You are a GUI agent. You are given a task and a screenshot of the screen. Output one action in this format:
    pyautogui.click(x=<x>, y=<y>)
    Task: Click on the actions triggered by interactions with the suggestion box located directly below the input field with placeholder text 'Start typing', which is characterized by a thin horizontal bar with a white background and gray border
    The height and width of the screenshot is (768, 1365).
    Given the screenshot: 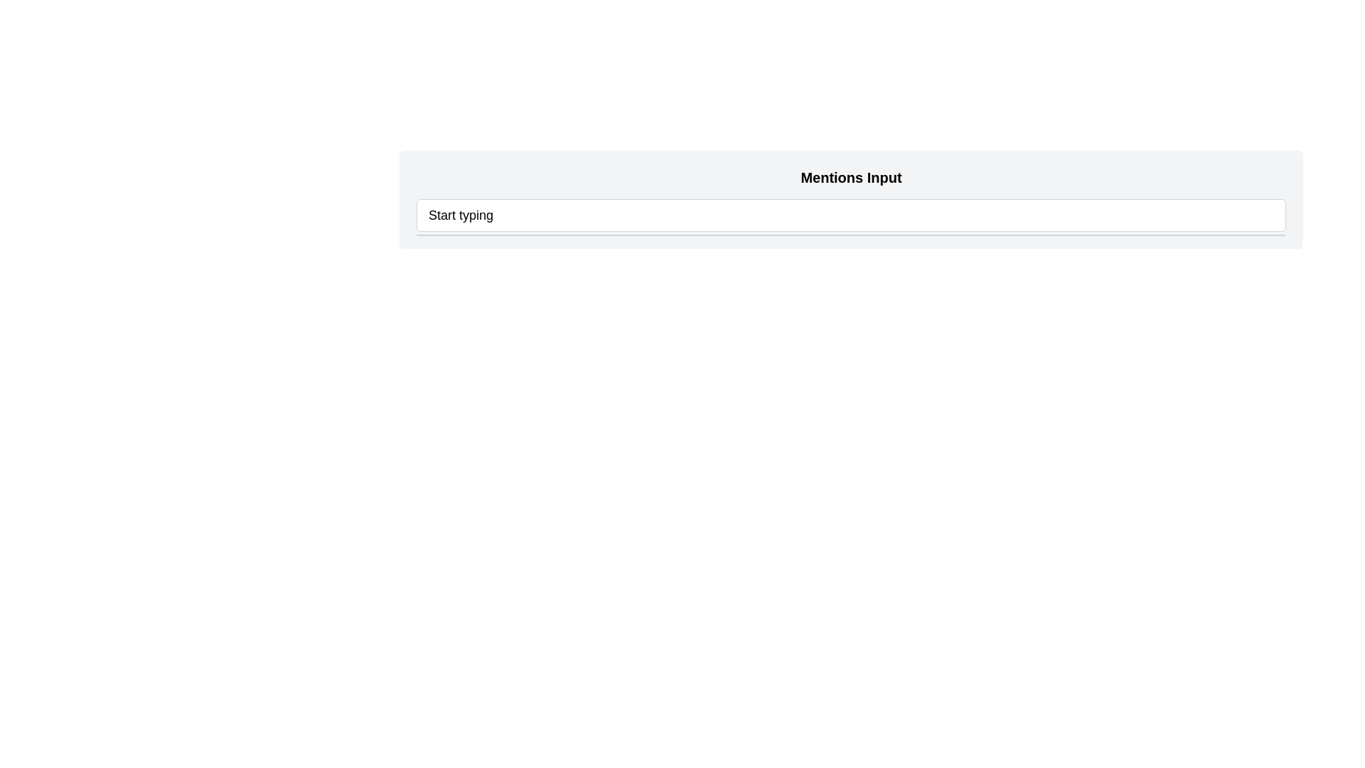 What is the action you would take?
    pyautogui.click(x=851, y=235)
    